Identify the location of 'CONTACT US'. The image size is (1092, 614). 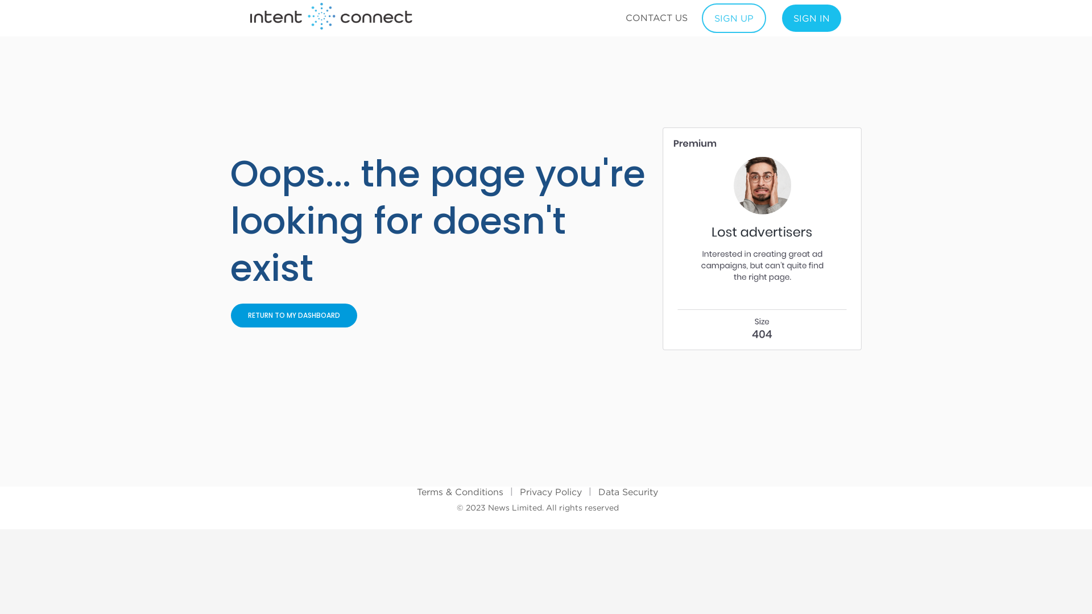
(656, 17).